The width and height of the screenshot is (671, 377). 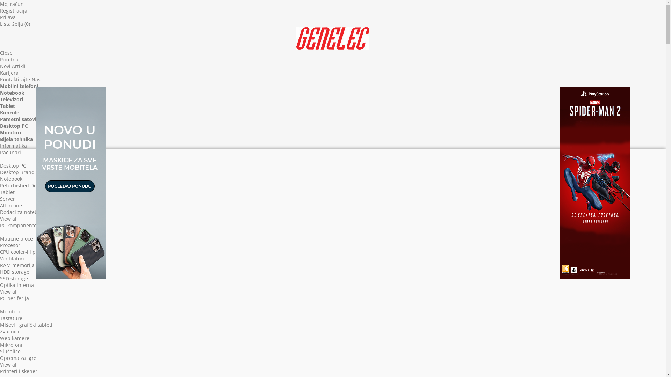 What do you see at coordinates (24, 185) in the screenshot?
I see `'Refurbished Desktop'` at bounding box center [24, 185].